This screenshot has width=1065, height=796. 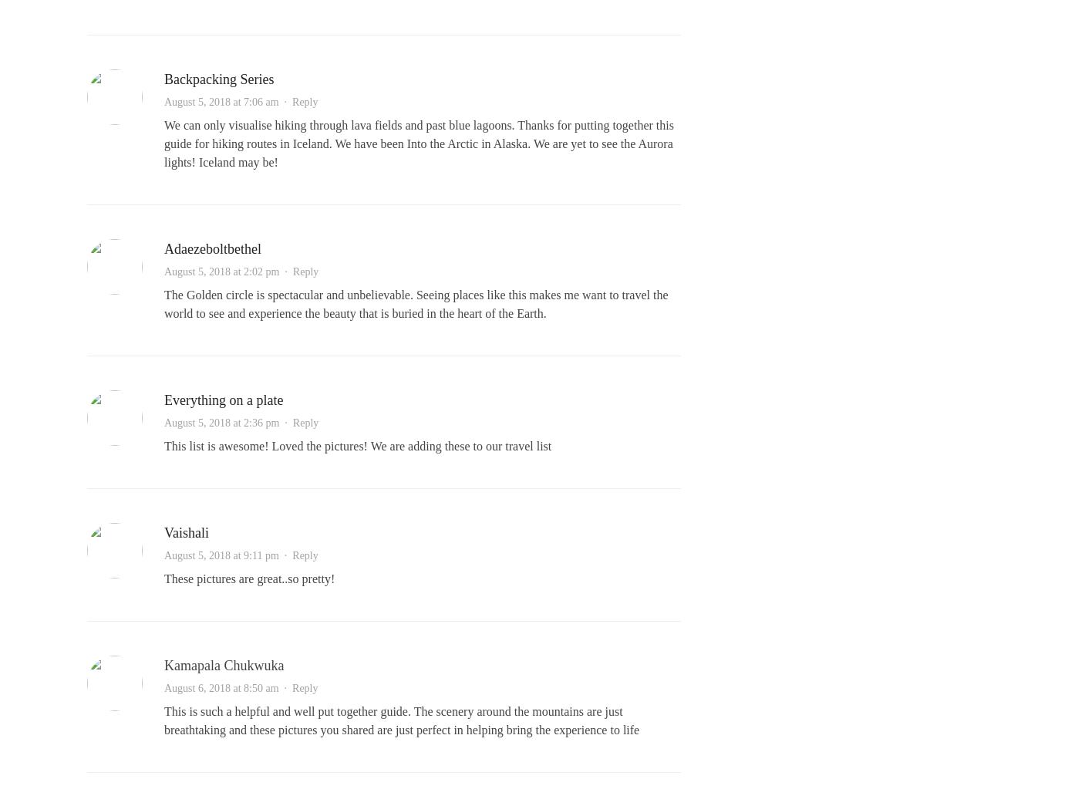 What do you see at coordinates (218, 79) in the screenshot?
I see `'Backpacking Series'` at bounding box center [218, 79].